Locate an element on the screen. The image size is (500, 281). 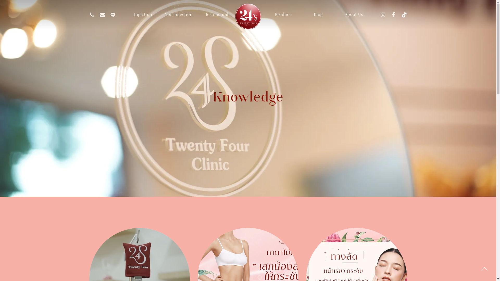
'Injection' is located at coordinates (134, 15).